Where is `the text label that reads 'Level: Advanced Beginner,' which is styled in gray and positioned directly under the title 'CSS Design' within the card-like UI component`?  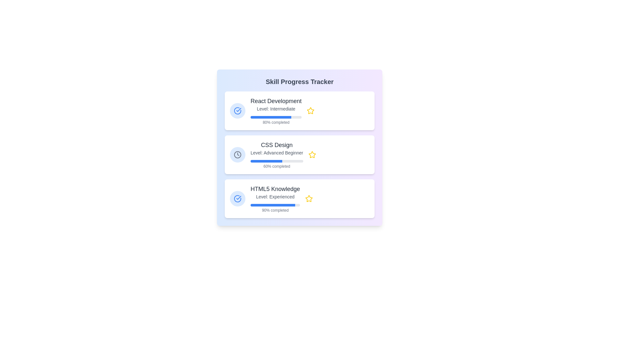
the text label that reads 'Level: Advanced Beginner,' which is styled in gray and positioned directly under the title 'CSS Design' within the card-like UI component is located at coordinates (277, 153).